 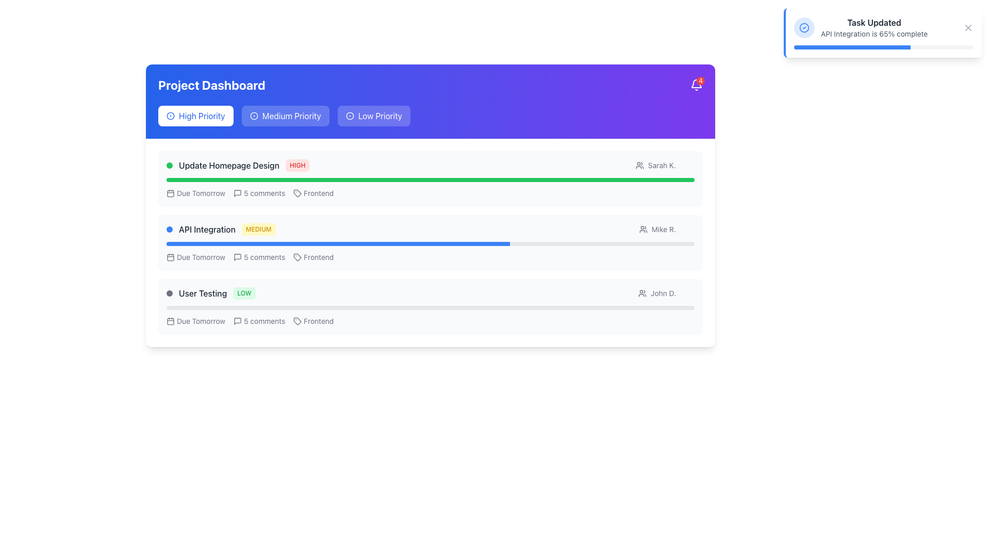 I want to click on the 'Due Tomorrow' text label located in the 'API Integration' row of the project task layout, which is adjacent to a calendar icon, so click(x=201, y=256).